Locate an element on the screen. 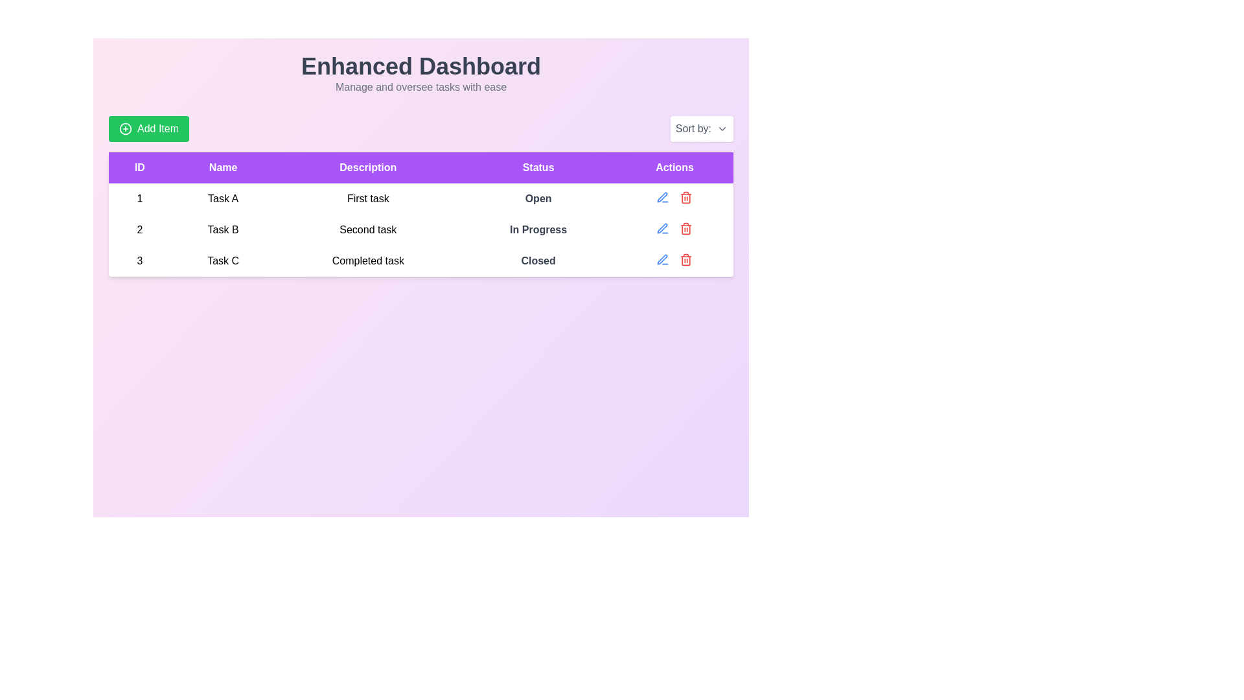 Image resolution: width=1244 pixels, height=700 pixels. to select the third row in the task table labeled 'Task C' with the status 'Completed' and final state 'Closed' is located at coordinates (420, 261).